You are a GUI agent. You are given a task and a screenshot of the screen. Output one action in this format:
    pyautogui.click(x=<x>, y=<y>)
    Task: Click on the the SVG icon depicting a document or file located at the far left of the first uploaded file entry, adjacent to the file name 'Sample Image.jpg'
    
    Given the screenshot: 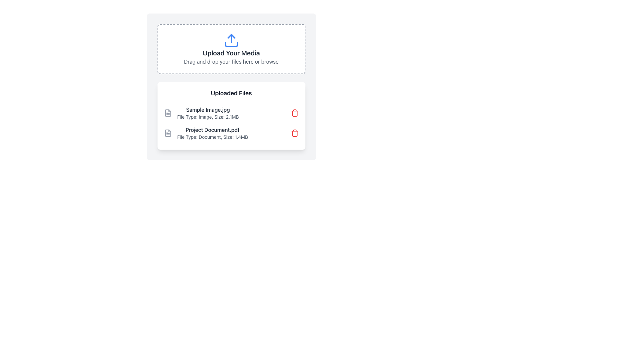 What is the action you would take?
    pyautogui.click(x=168, y=113)
    